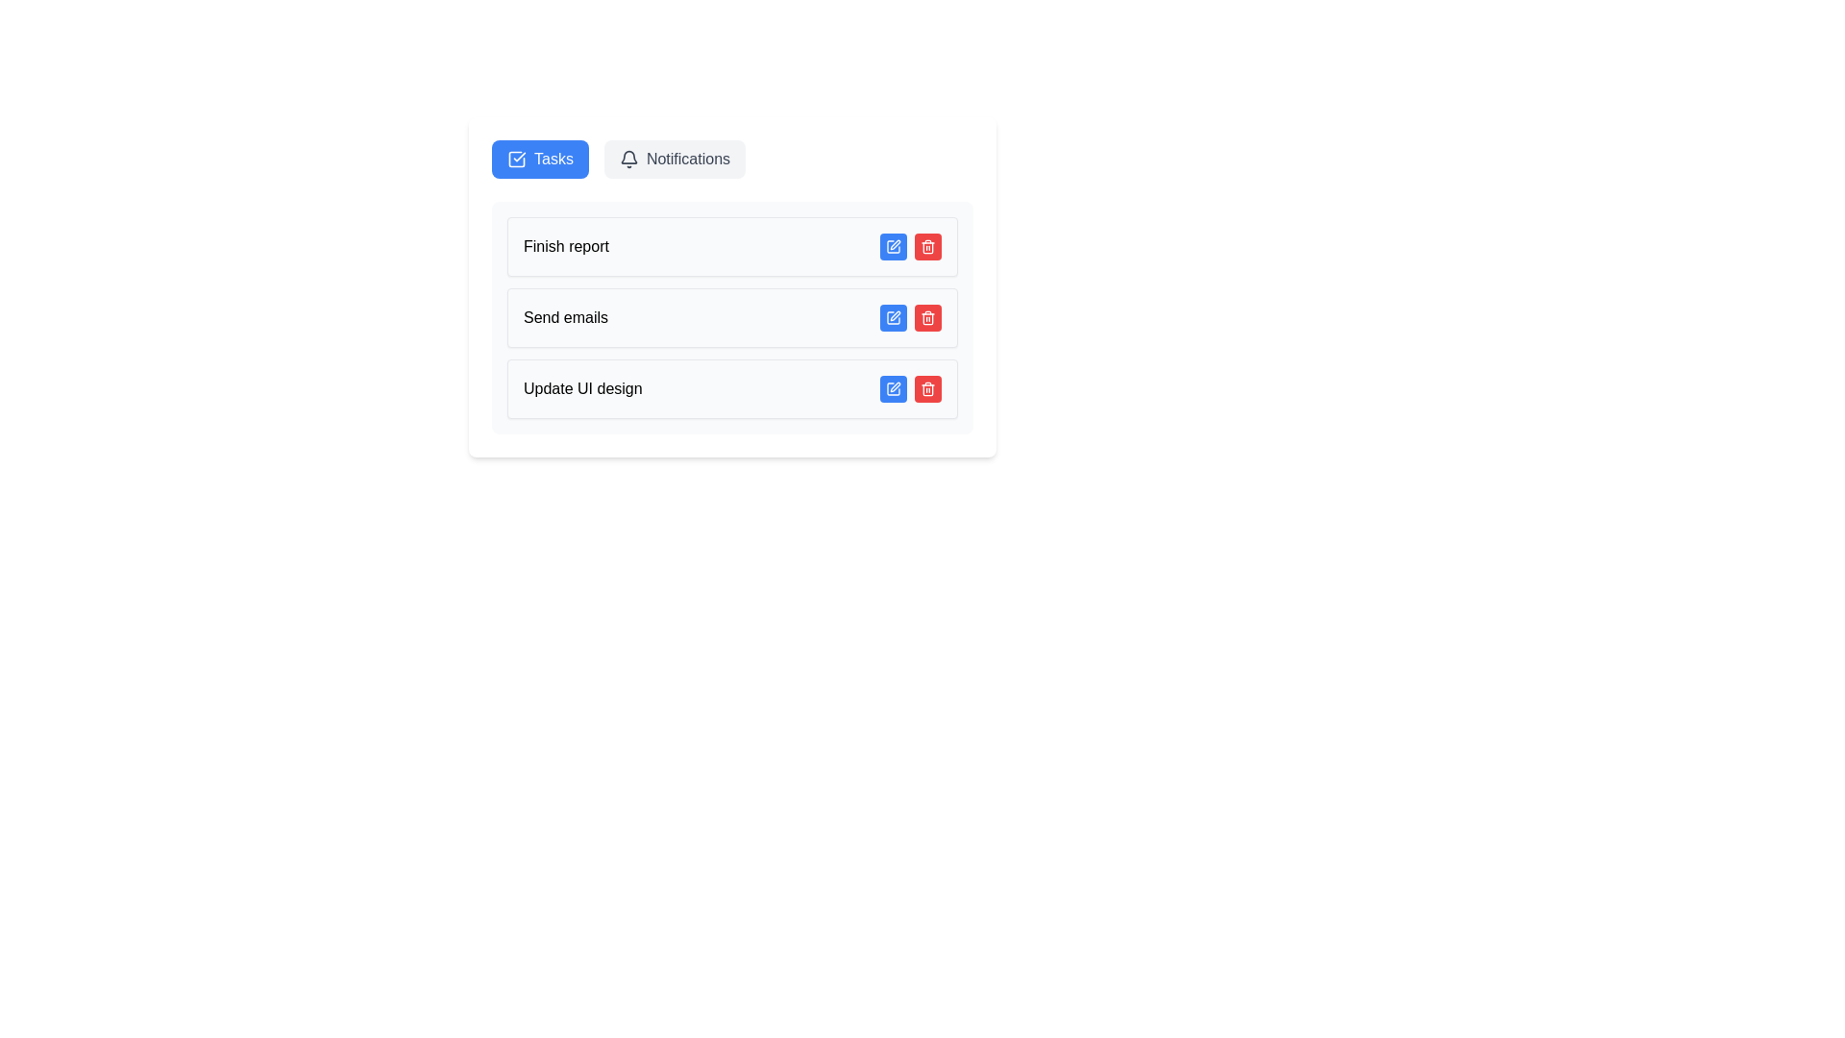 Image resolution: width=1845 pixels, height=1038 pixels. What do you see at coordinates (927, 389) in the screenshot?
I see `the delete icon located in the right section of the last row of the task list` at bounding box center [927, 389].